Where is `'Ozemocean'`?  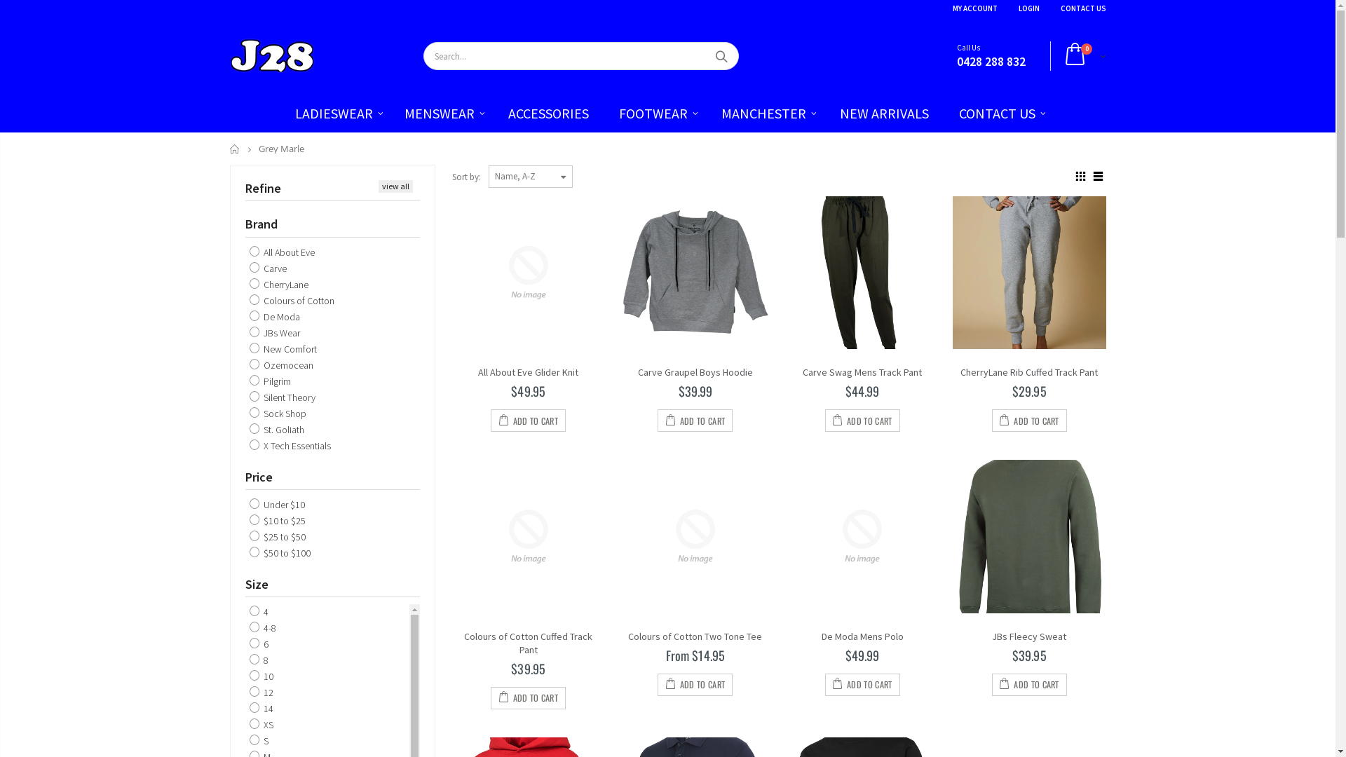 'Ozemocean' is located at coordinates (280, 364).